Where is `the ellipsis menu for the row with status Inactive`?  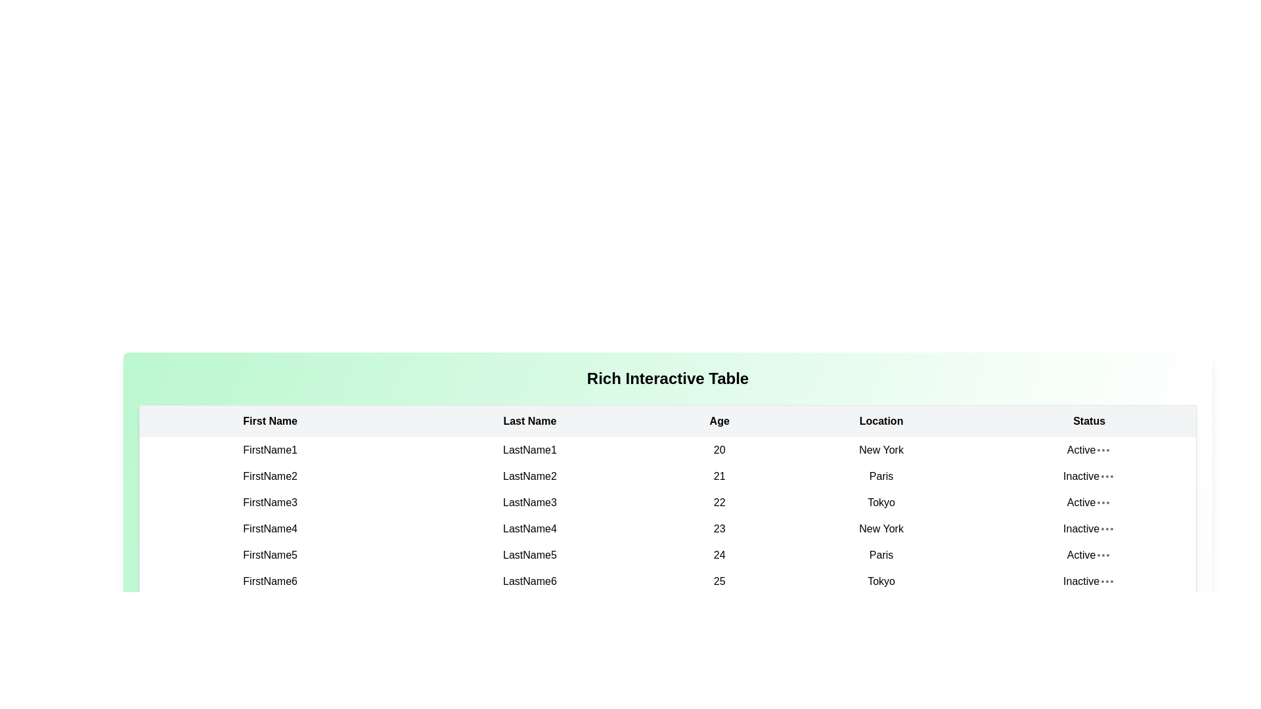 the ellipsis menu for the row with status Inactive is located at coordinates (1106, 476).